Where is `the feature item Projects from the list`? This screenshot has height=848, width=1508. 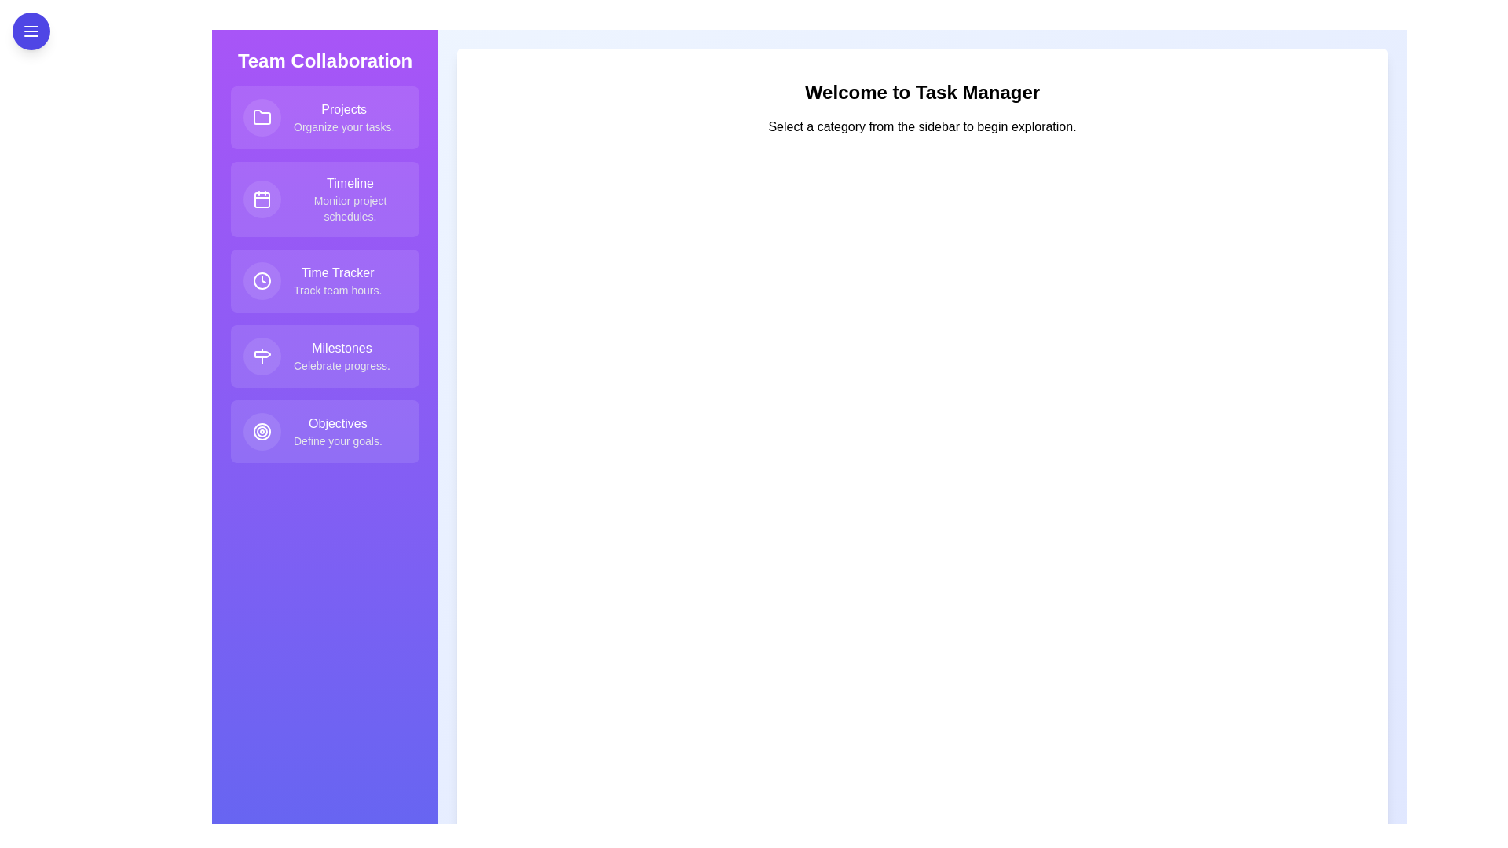
the feature item Projects from the list is located at coordinates (324, 117).